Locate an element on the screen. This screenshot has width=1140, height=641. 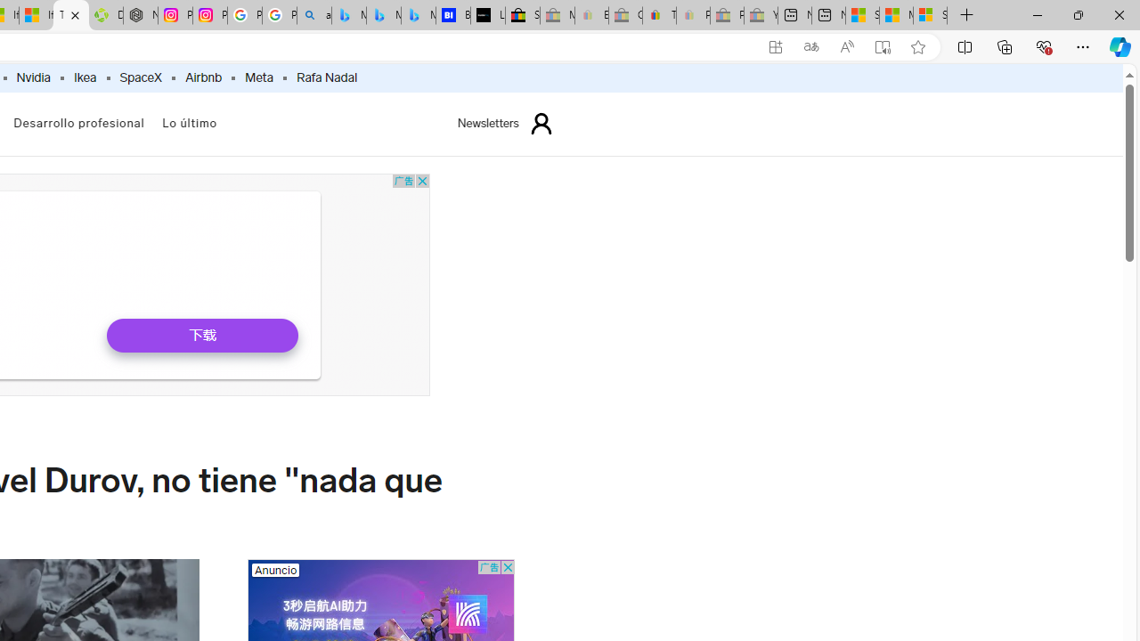
'Selling on eBay | Electronics, Fashion, Home & Garden | eBay' is located at coordinates (521, 15).